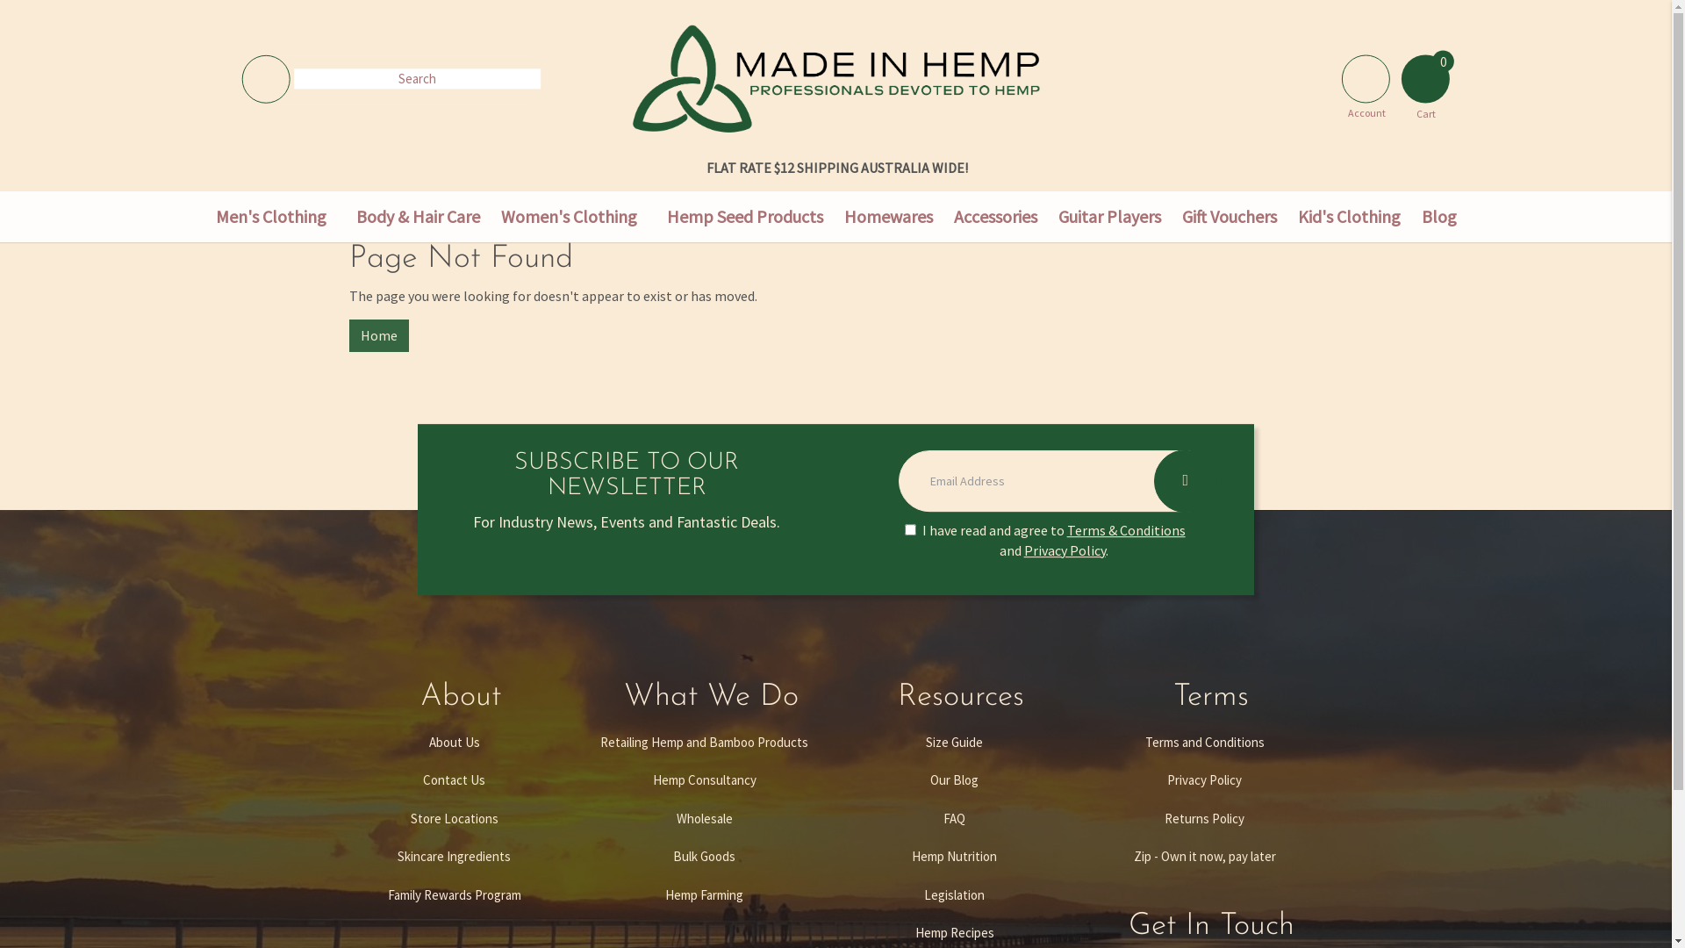 The image size is (1685, 948). I want to click on 'FAQ', so click(952, 818).